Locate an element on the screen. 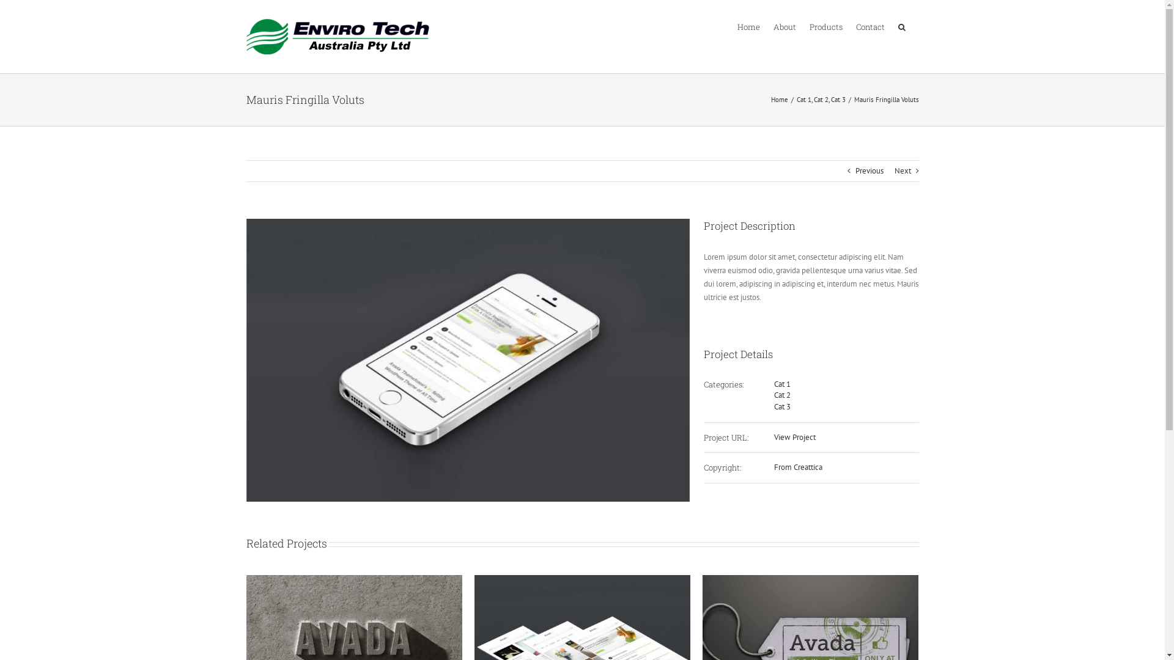 This screenshot has height=660, width=1174. 'Cat 1' is located at coordinates (773, 383).